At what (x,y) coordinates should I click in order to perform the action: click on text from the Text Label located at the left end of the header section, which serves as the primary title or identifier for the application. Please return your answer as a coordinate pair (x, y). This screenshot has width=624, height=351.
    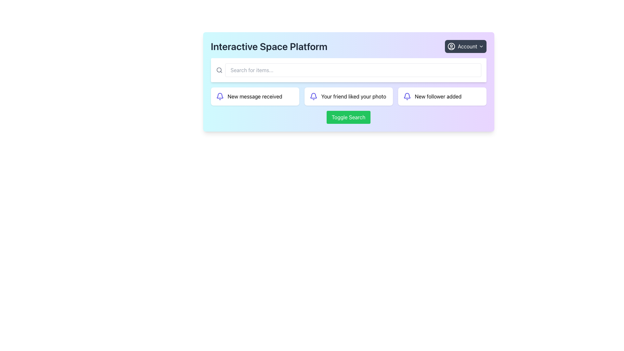
    Looking at the image, I should click on (269, 46).